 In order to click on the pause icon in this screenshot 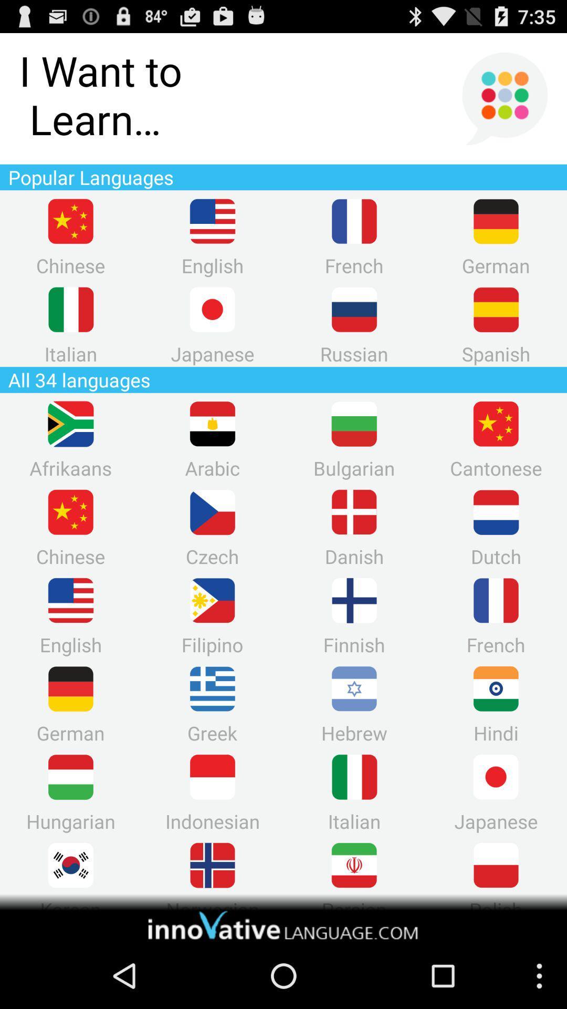, I will do `click(354, 236)`.